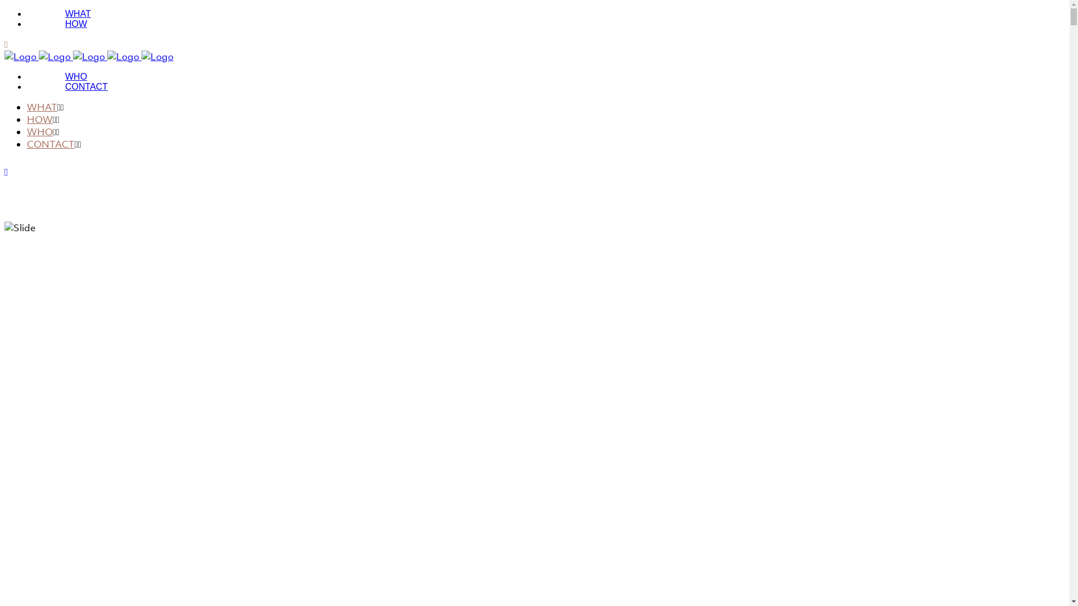 The width and height of the screenshot is (1078, 606). Describe the element at coordinates (85, 86) in the screenshot. I see `'CONTACT'` at that location.